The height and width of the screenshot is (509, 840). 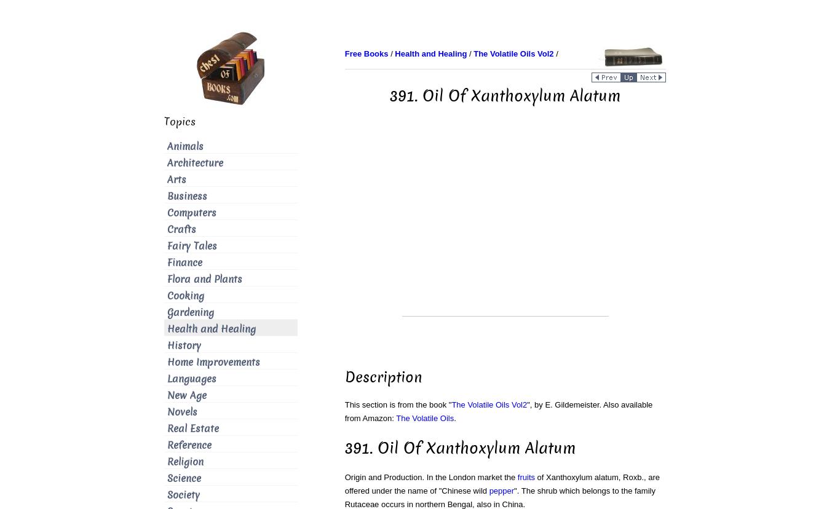 I want to click on 'Cooking', so click(x=186, y=295).